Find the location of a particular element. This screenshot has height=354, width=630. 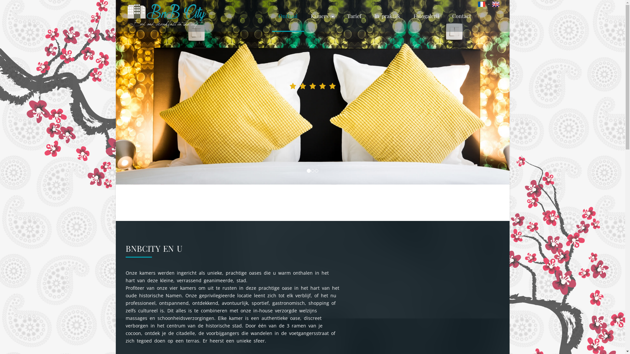

'Kamers' is located at coordinates (322, 15).